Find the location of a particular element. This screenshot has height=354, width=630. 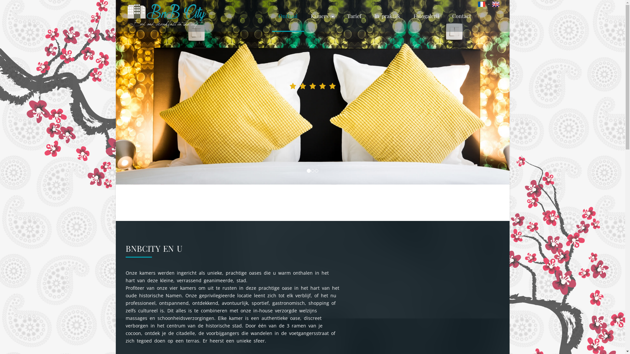

'Kamers' is located at coordinates (322, 15).